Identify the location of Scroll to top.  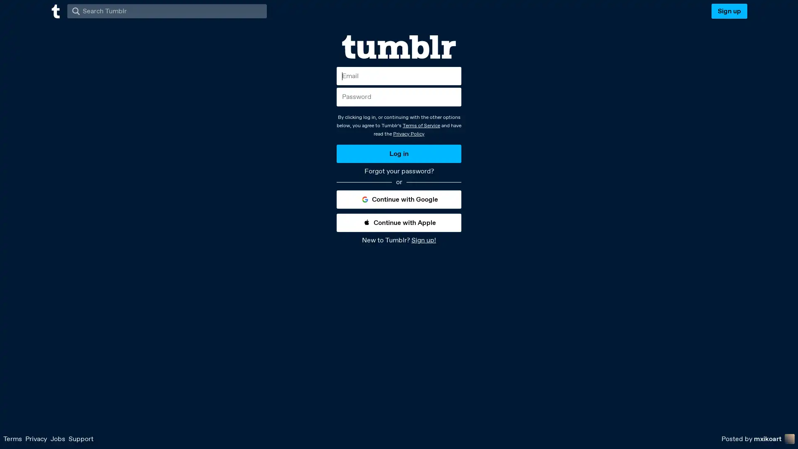
(781, 439).